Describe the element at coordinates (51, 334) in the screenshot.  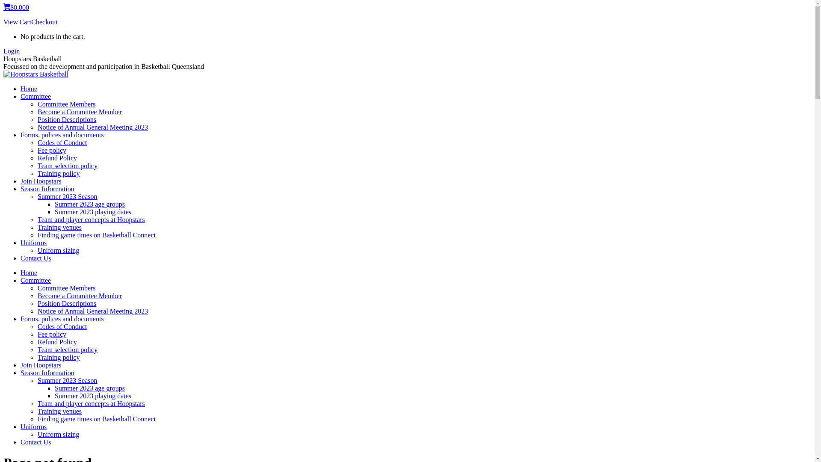
I see `'Fee policy'` at that location.